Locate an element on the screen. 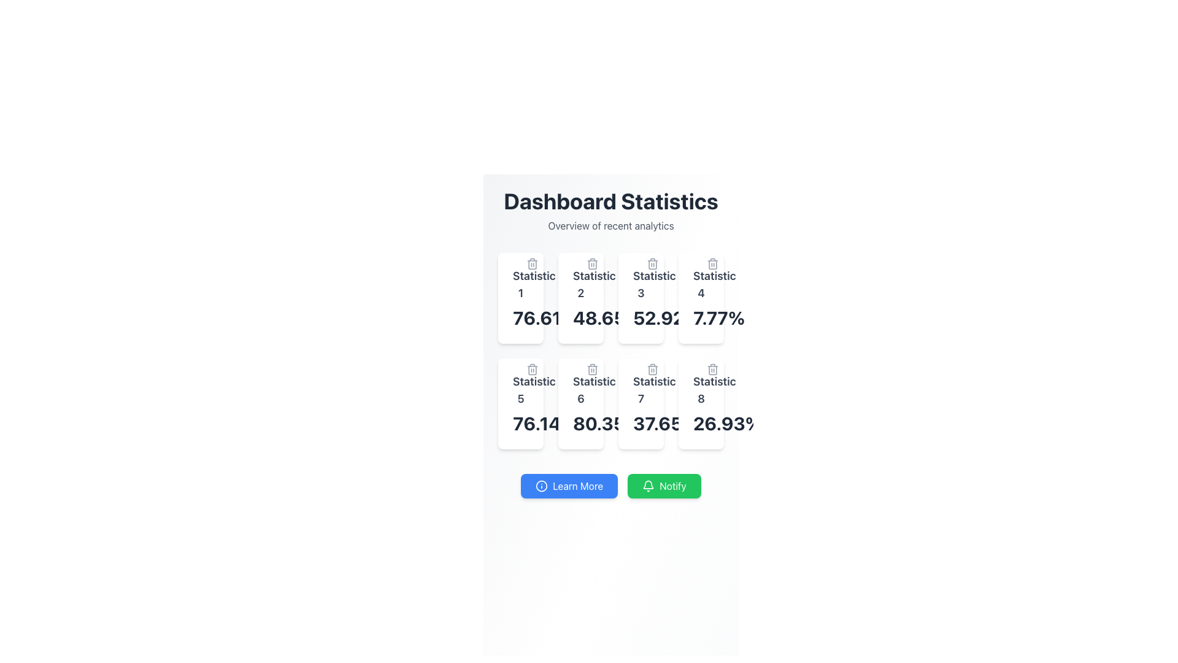 This screenshot has height=663, width=1178. the text display showcasing the numerical statistic value '7.77%' under the title 'Statistic 4.' is located at coordinates (701, 317).